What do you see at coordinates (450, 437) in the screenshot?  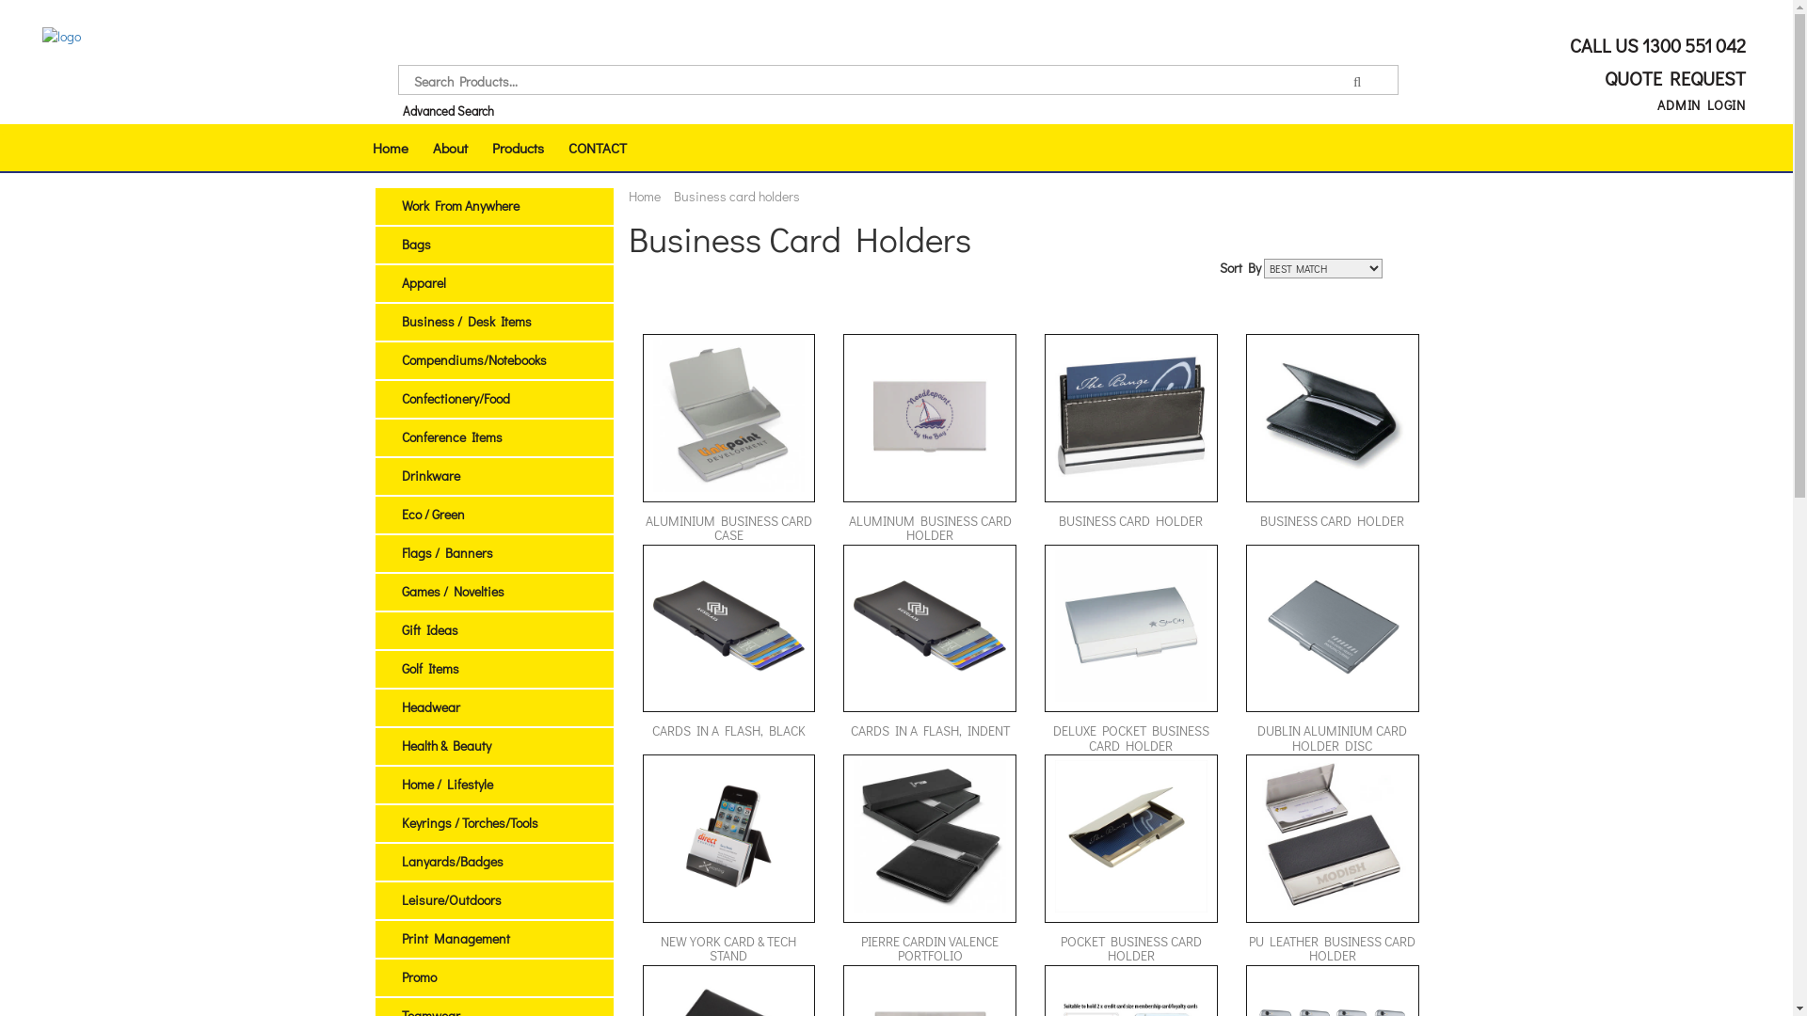 I see `'Conference Items'` at bounding box center [450, 437].